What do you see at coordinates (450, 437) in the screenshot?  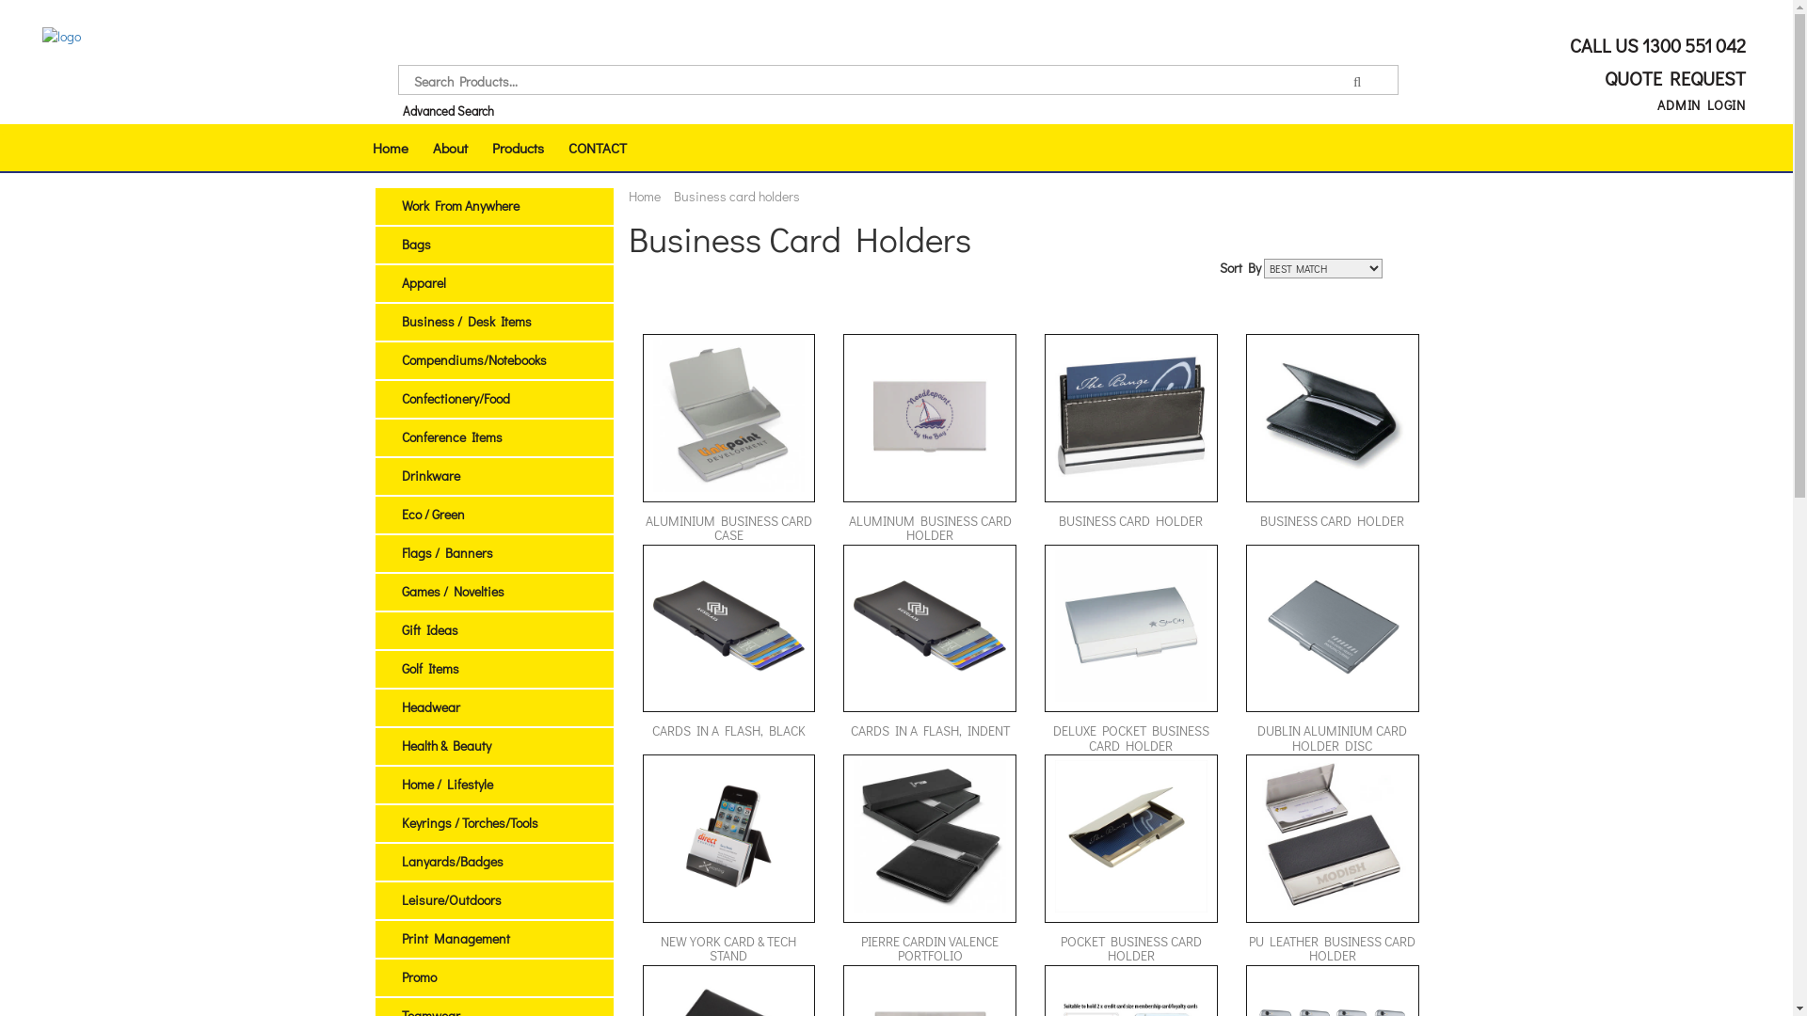 I see `'Conference Items'` at bounding box center [450, 437].